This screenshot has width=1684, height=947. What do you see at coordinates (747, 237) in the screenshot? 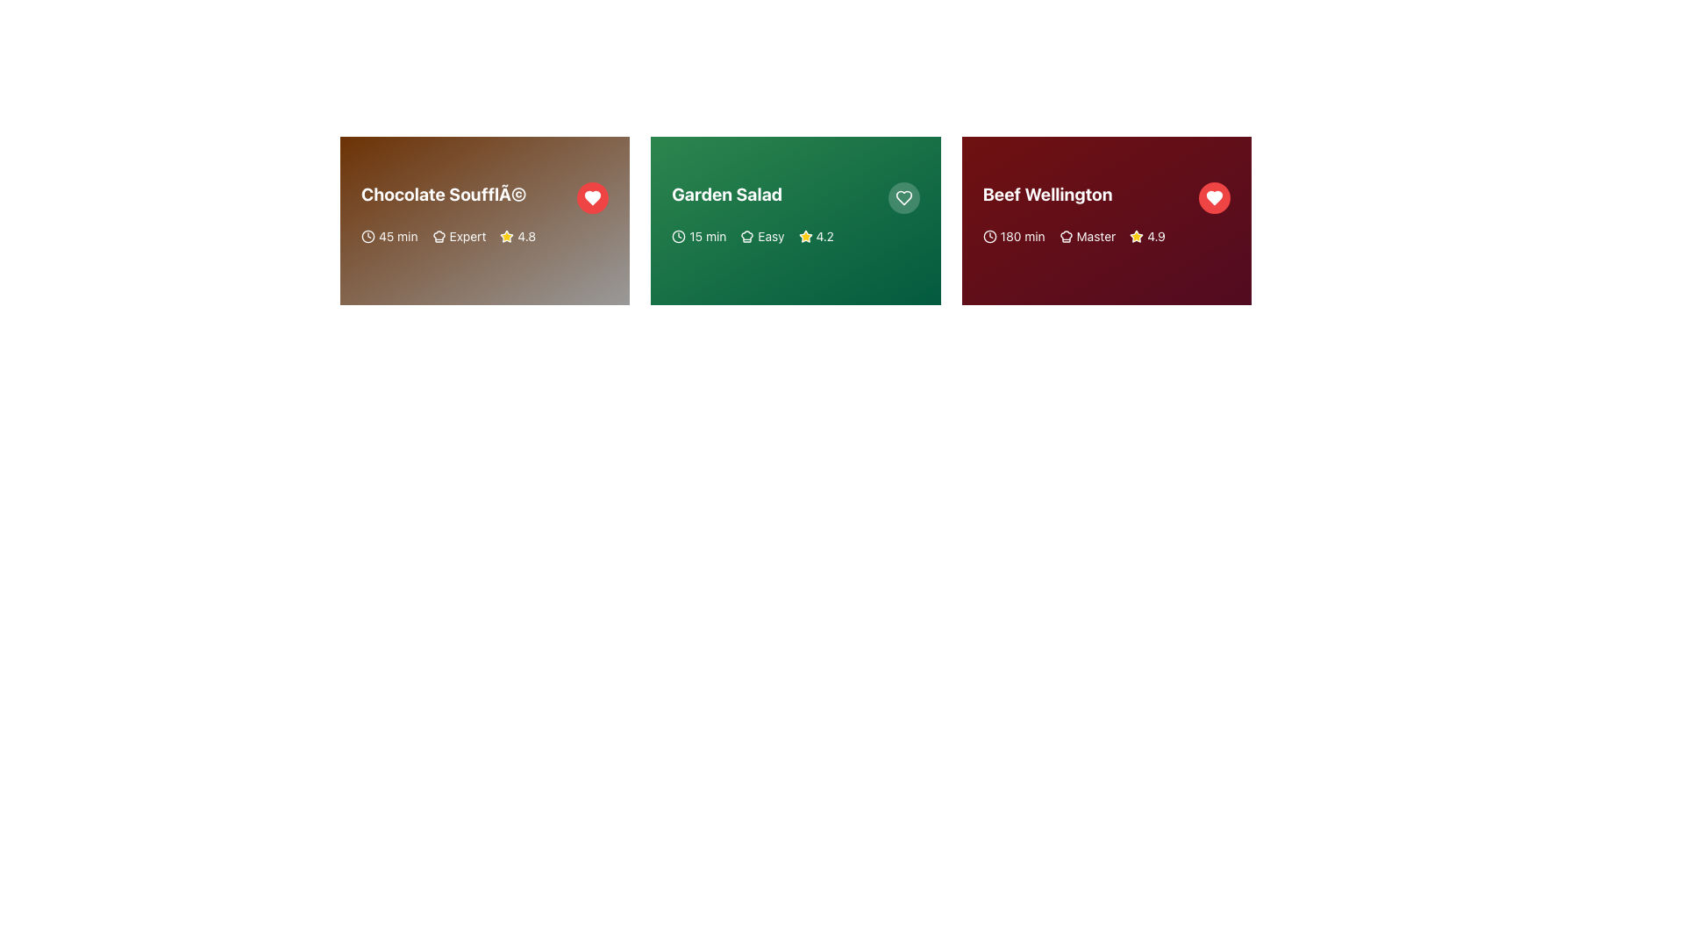
I see `the chef hat SVG icon located left of the 'Easy' text, which indicates the difficulty level of the recipe in the 'Garden Salad' card` at bounding box center [747, 237].